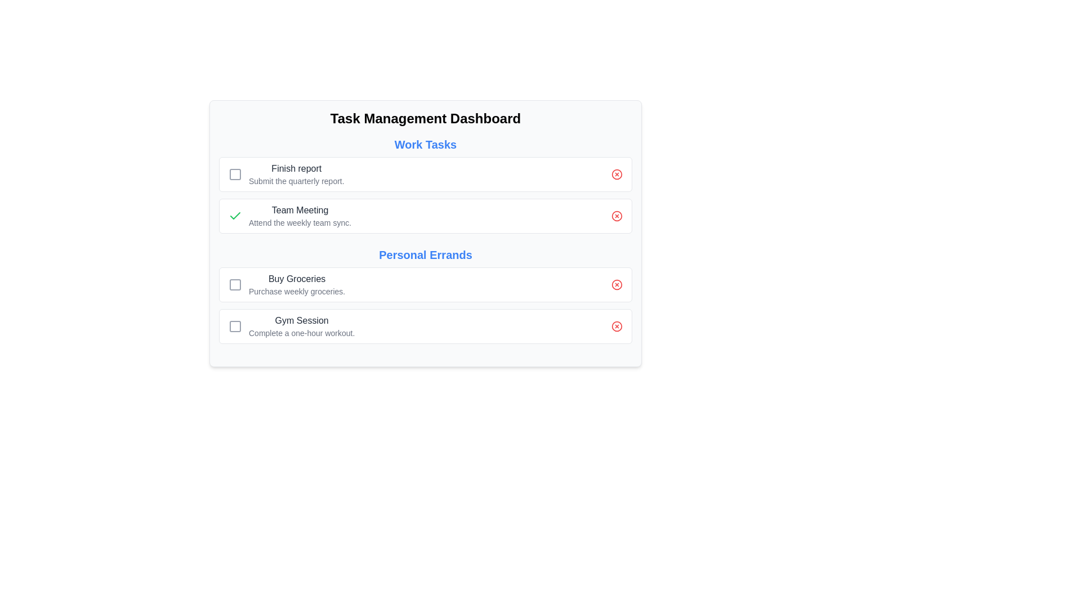  I want to click on the static textual display for the task item titled 'Team Meeting' located in the second row of the 'Work Tasks' section in the 'Task Management Dashboard', so click(300, 216).